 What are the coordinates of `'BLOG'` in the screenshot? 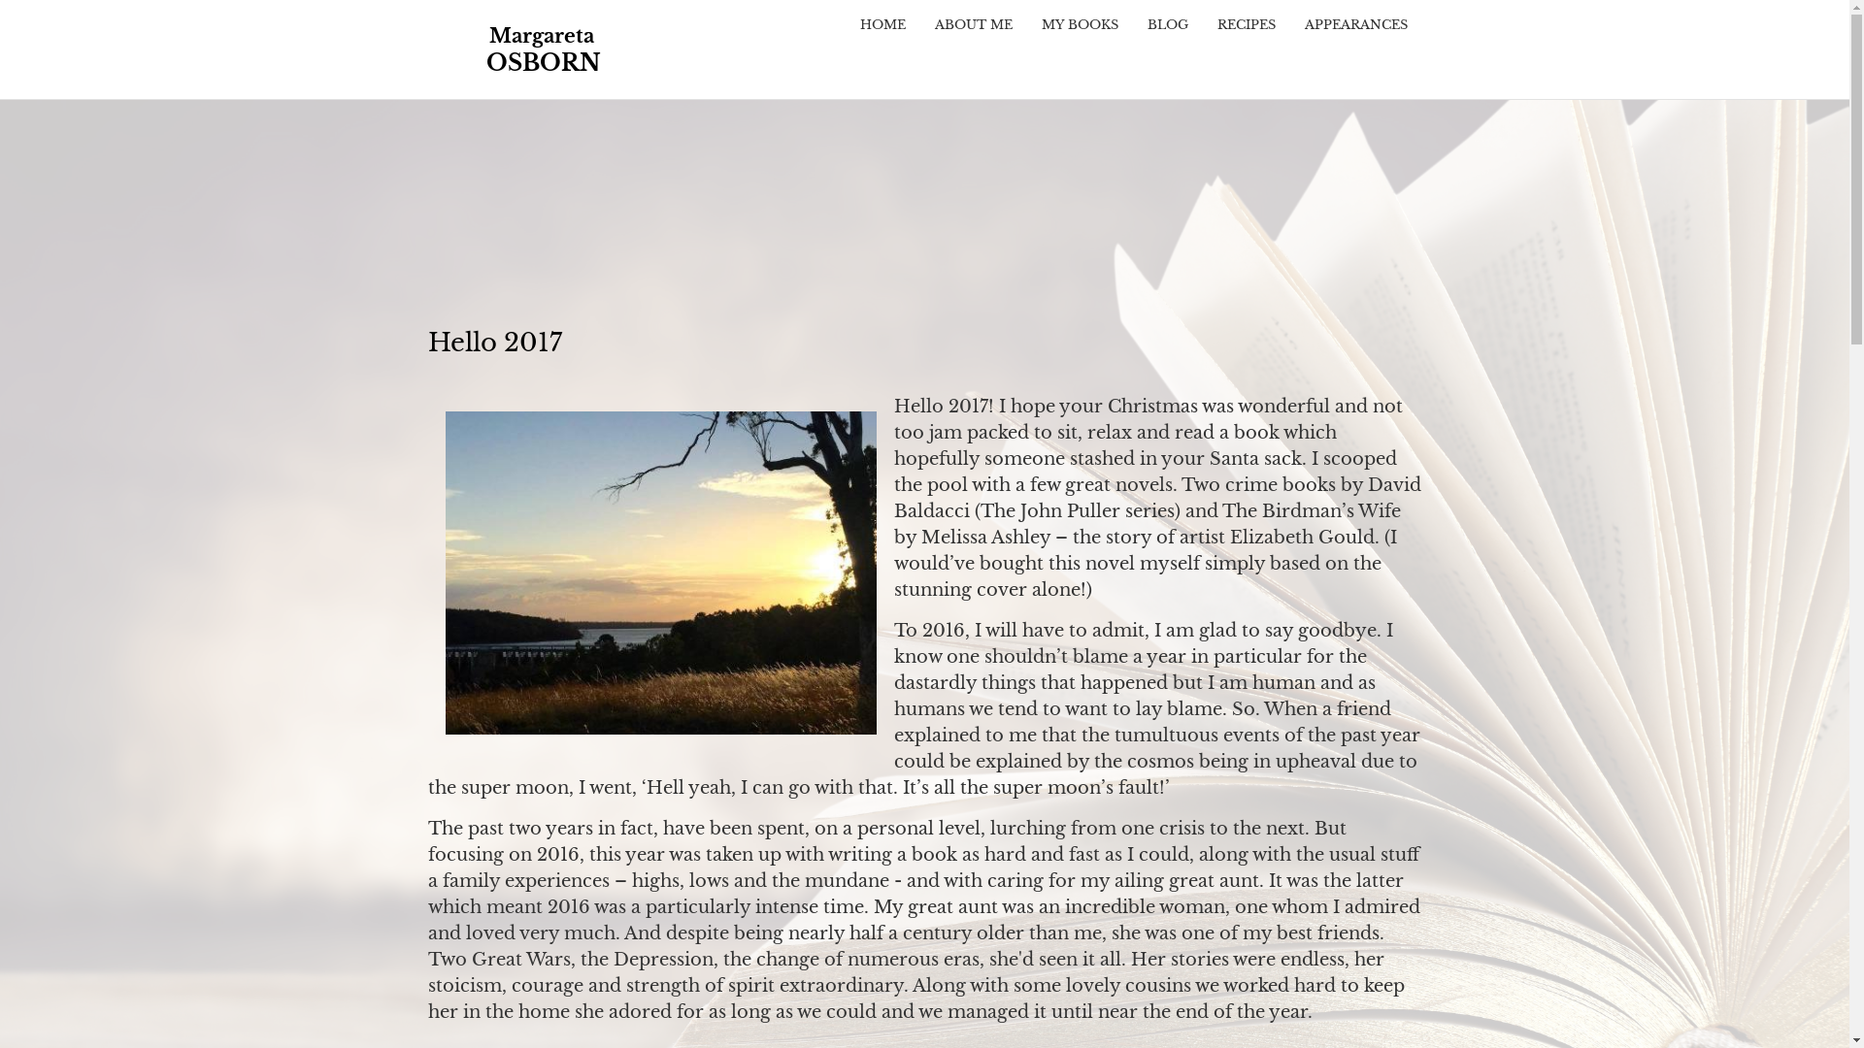 It's located at (1165, 24).